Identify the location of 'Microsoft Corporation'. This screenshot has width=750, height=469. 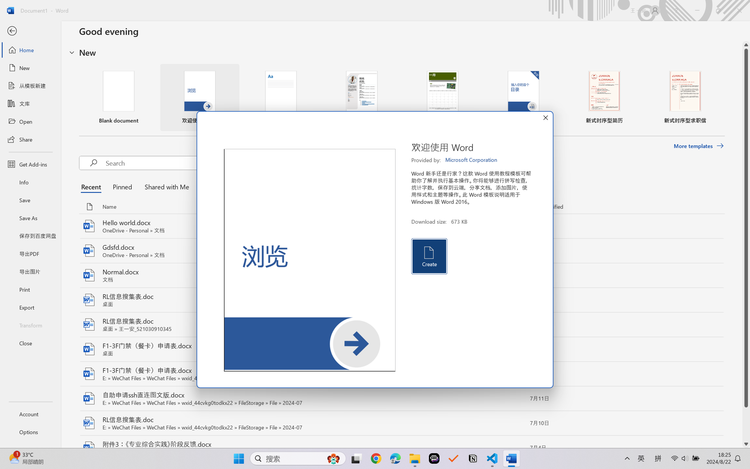
(471, 160).